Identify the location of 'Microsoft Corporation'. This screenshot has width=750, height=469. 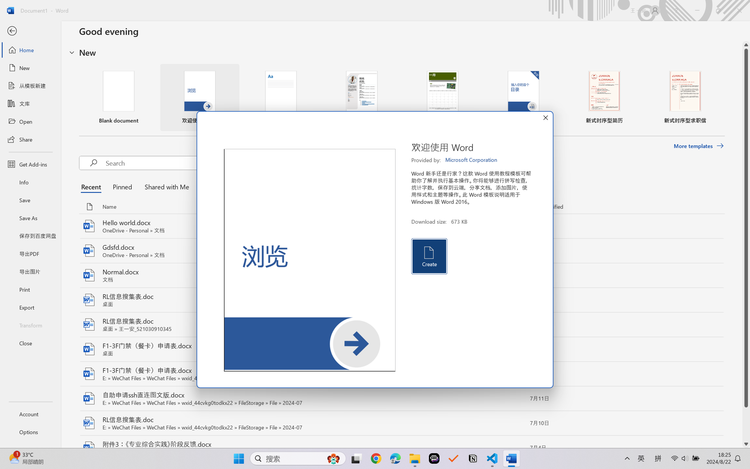
(471, 160).